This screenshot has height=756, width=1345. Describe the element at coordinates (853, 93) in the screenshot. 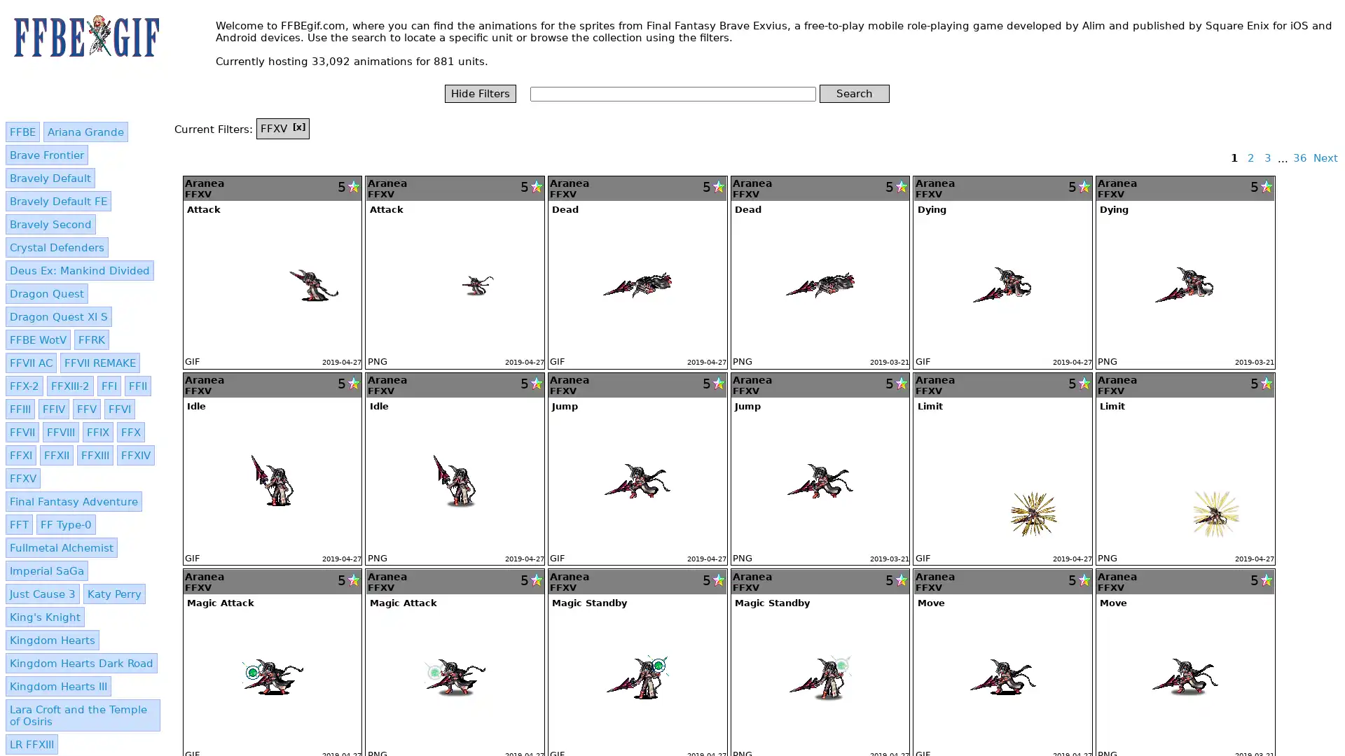

I see `Search` at that location.